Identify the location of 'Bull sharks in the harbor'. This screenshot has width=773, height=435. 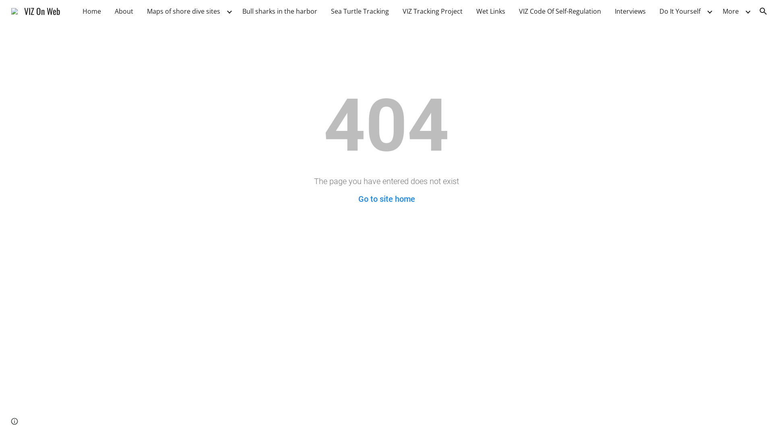
(280, 11).